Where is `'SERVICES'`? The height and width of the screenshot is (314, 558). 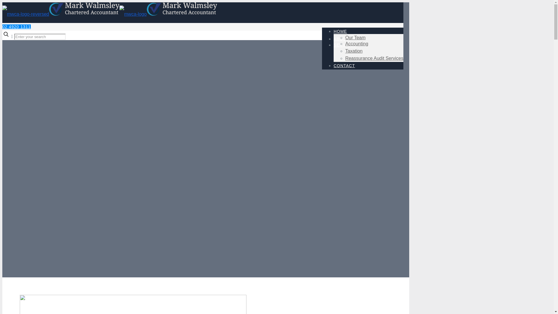 'SERVICES' is located at coordinates (345, 44).